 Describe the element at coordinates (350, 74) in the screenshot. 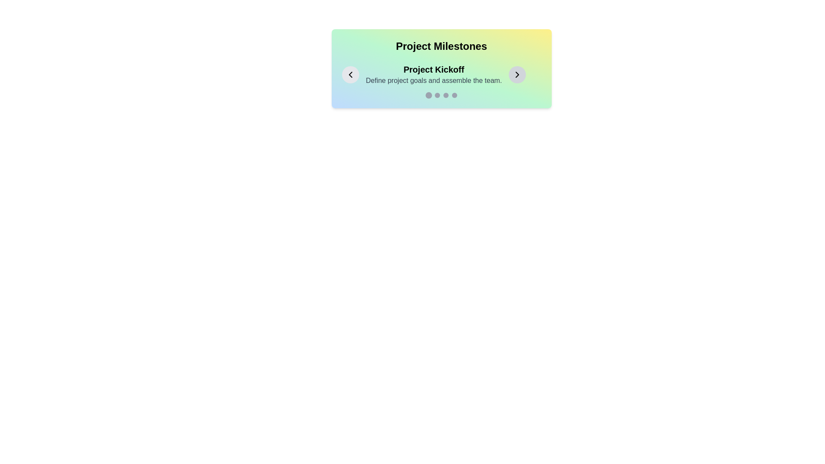

I see `the chevron icon representing the left navigation button in the 'Project Milestones' card to indicate that it can be interacted with` at that location.